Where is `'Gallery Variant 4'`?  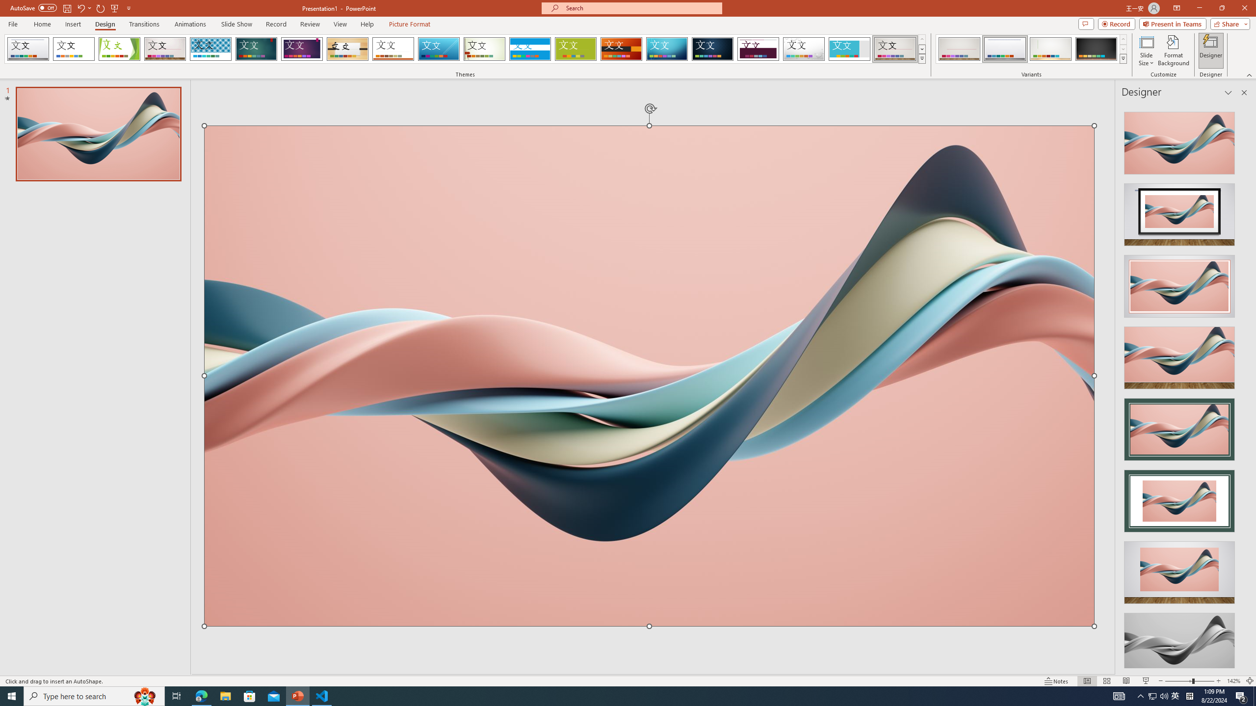
'Gallery Variant 4' is located at coordinates (1096, 49).